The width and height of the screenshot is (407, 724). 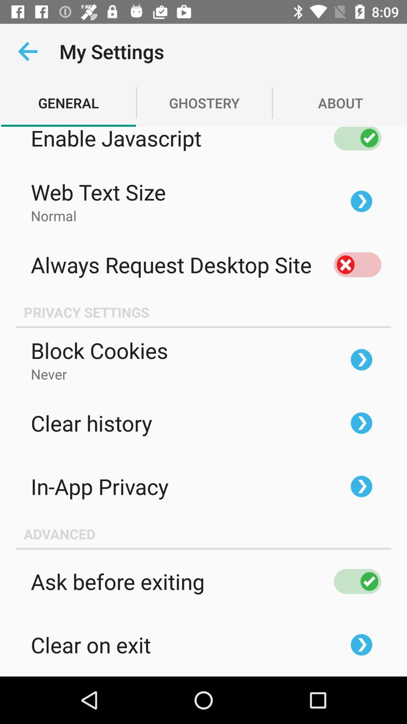 What do you see at coordinates (357, 581) in the screenshot?
I see `enable ask before exiting` at bounding box center [357, 581].